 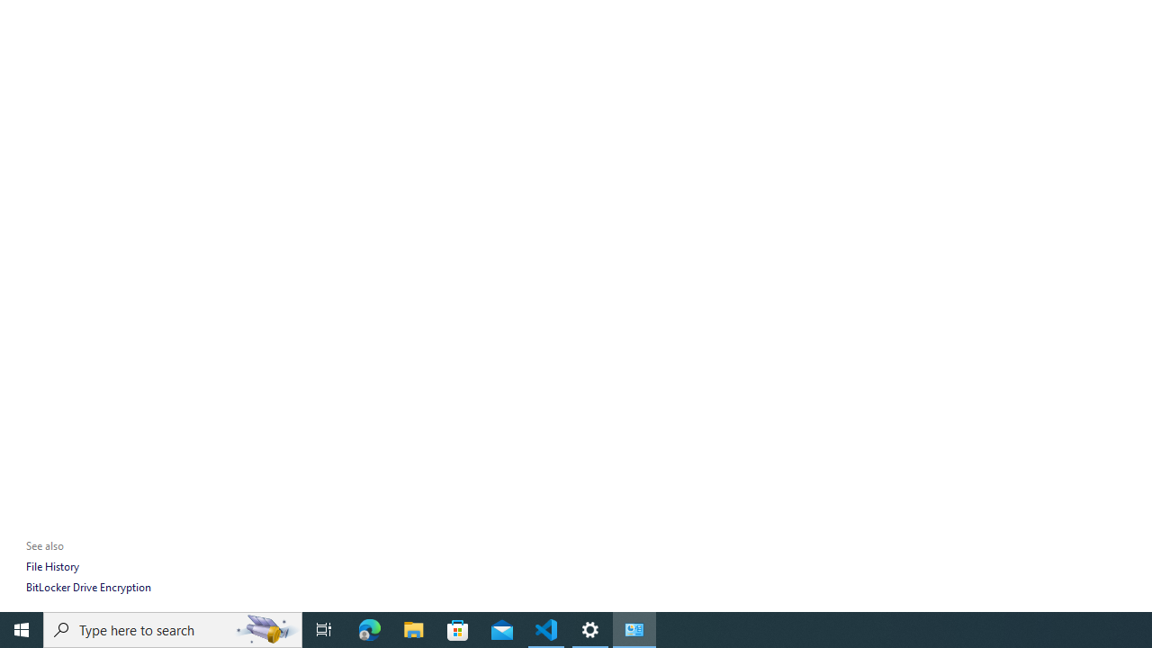 I want to click on 'BitLocker Drive Encryption', so click(x=87, y=587).